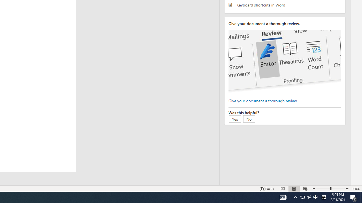 The height and width of the screenshot is (203, 362). I want to click on 'Keyboard shortcuts in Word', so click(285, 5).